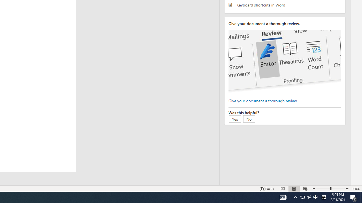 The height and width of the screenshot is (203, 362). I want to click on 'Keyboard shortcuts in Word', so click(285, 5).